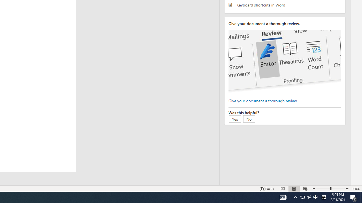 The height and width of the screenshot is (203, 362). I want to click on 'Keyboard shortcuts in Word', so click(285, 5).